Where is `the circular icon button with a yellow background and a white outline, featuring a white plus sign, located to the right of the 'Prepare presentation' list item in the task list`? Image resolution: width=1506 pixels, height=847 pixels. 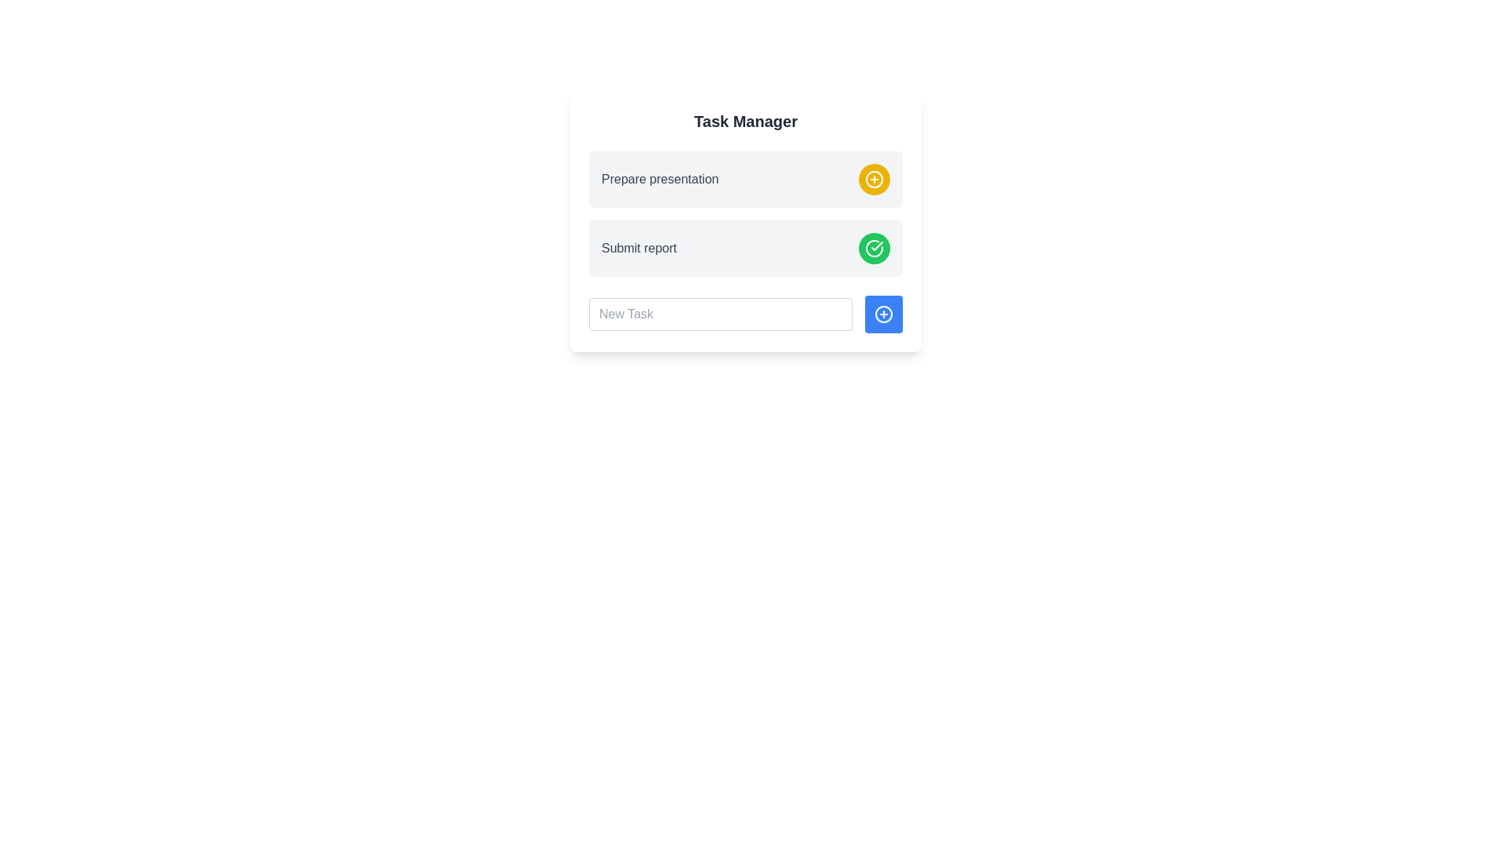
the circular icon button with a yellow background and a white outline, featuring a white plus sign, located to the right of the 'Prepare presentation' list item in the task list is located at coordinates (873, 178).